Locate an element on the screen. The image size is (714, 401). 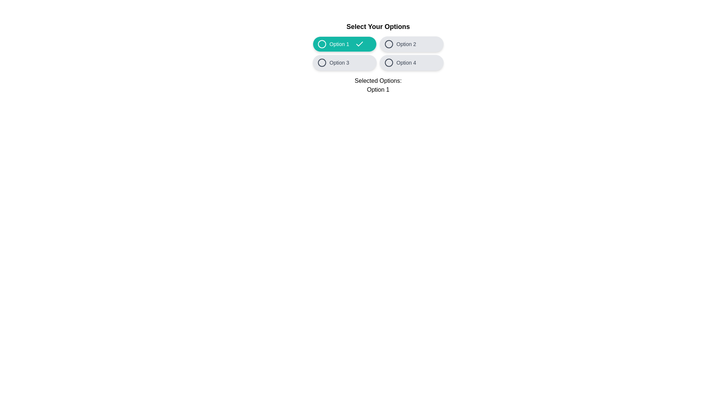
the option Option 1 by clicking its button is located at coordinates (344, 44).